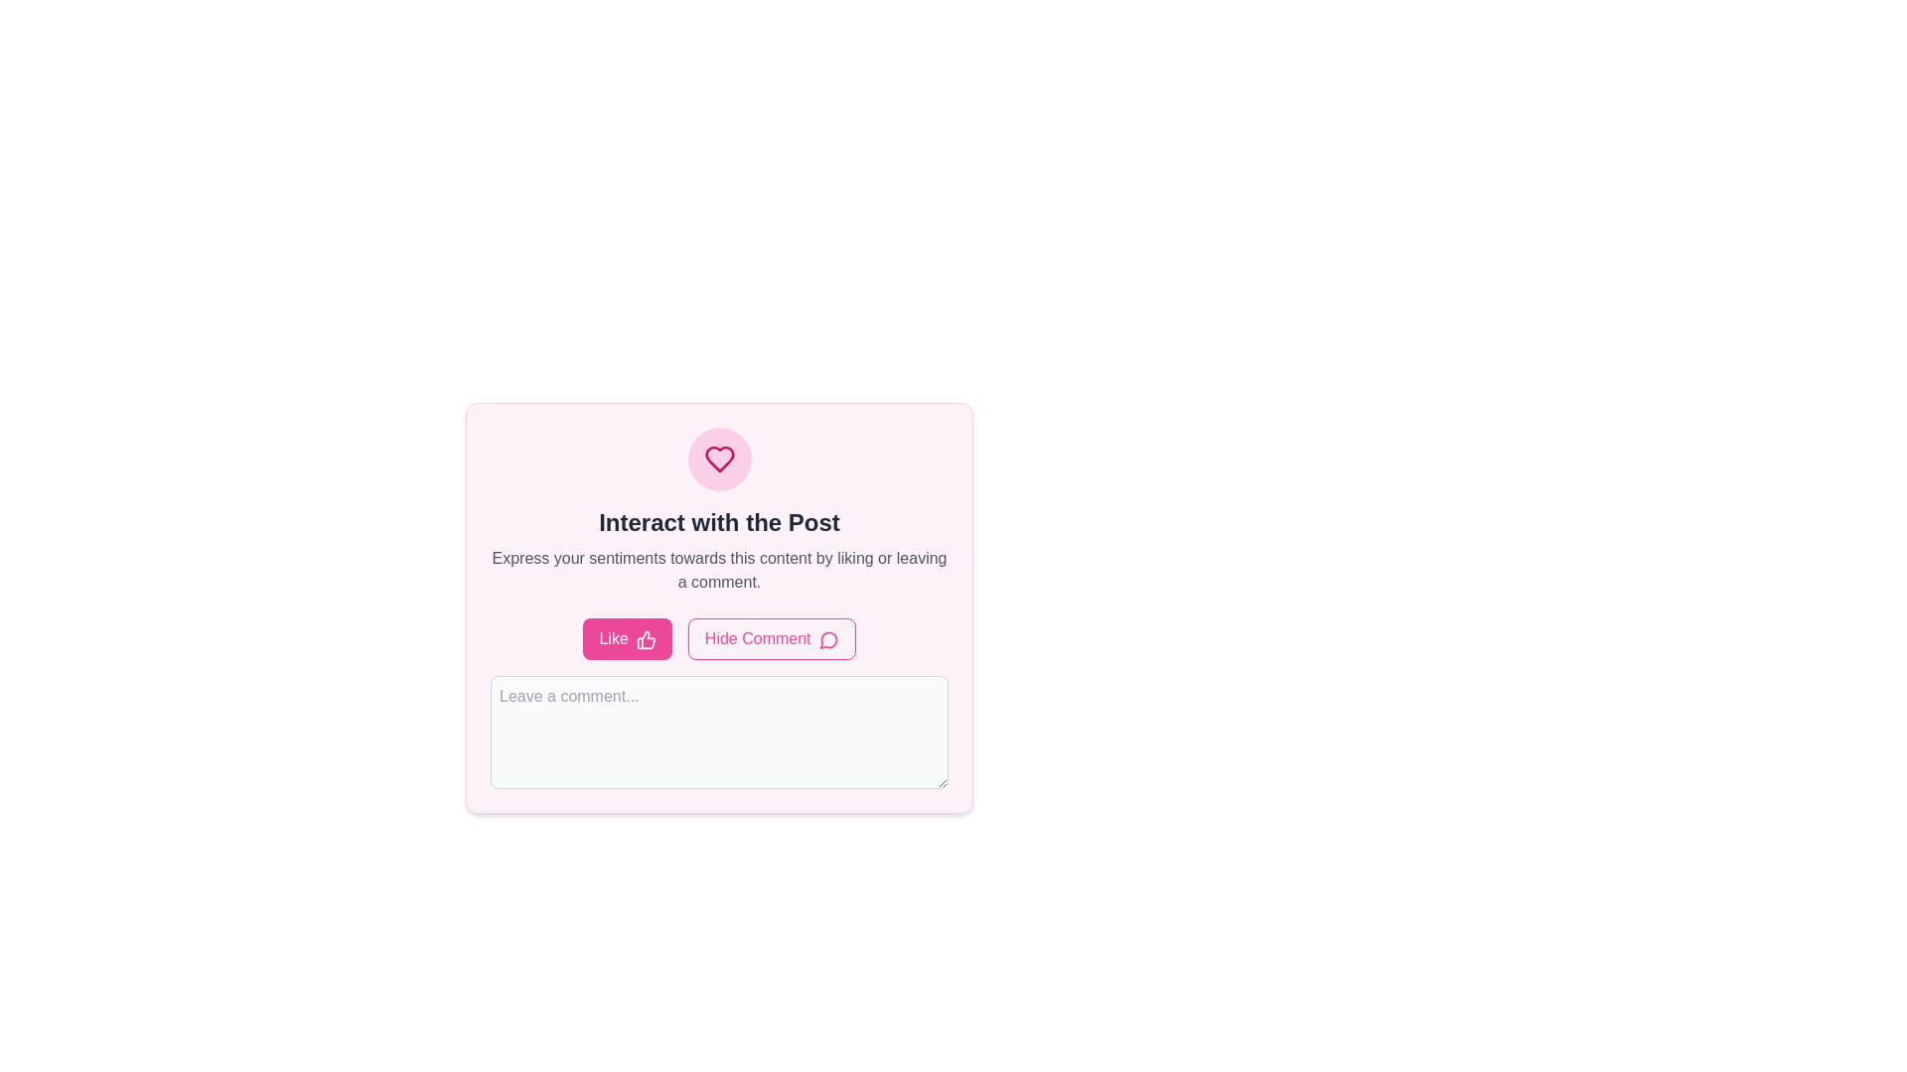 The height and width of the screenshot is (1072, 1907). What do you see at coordinates (828, 640) in the screenshot?
I see `the comment or message icon, which is part of a grouped icon set located adjacent to the 'Interact with the Post' section header` at bounding box center [828, 640].